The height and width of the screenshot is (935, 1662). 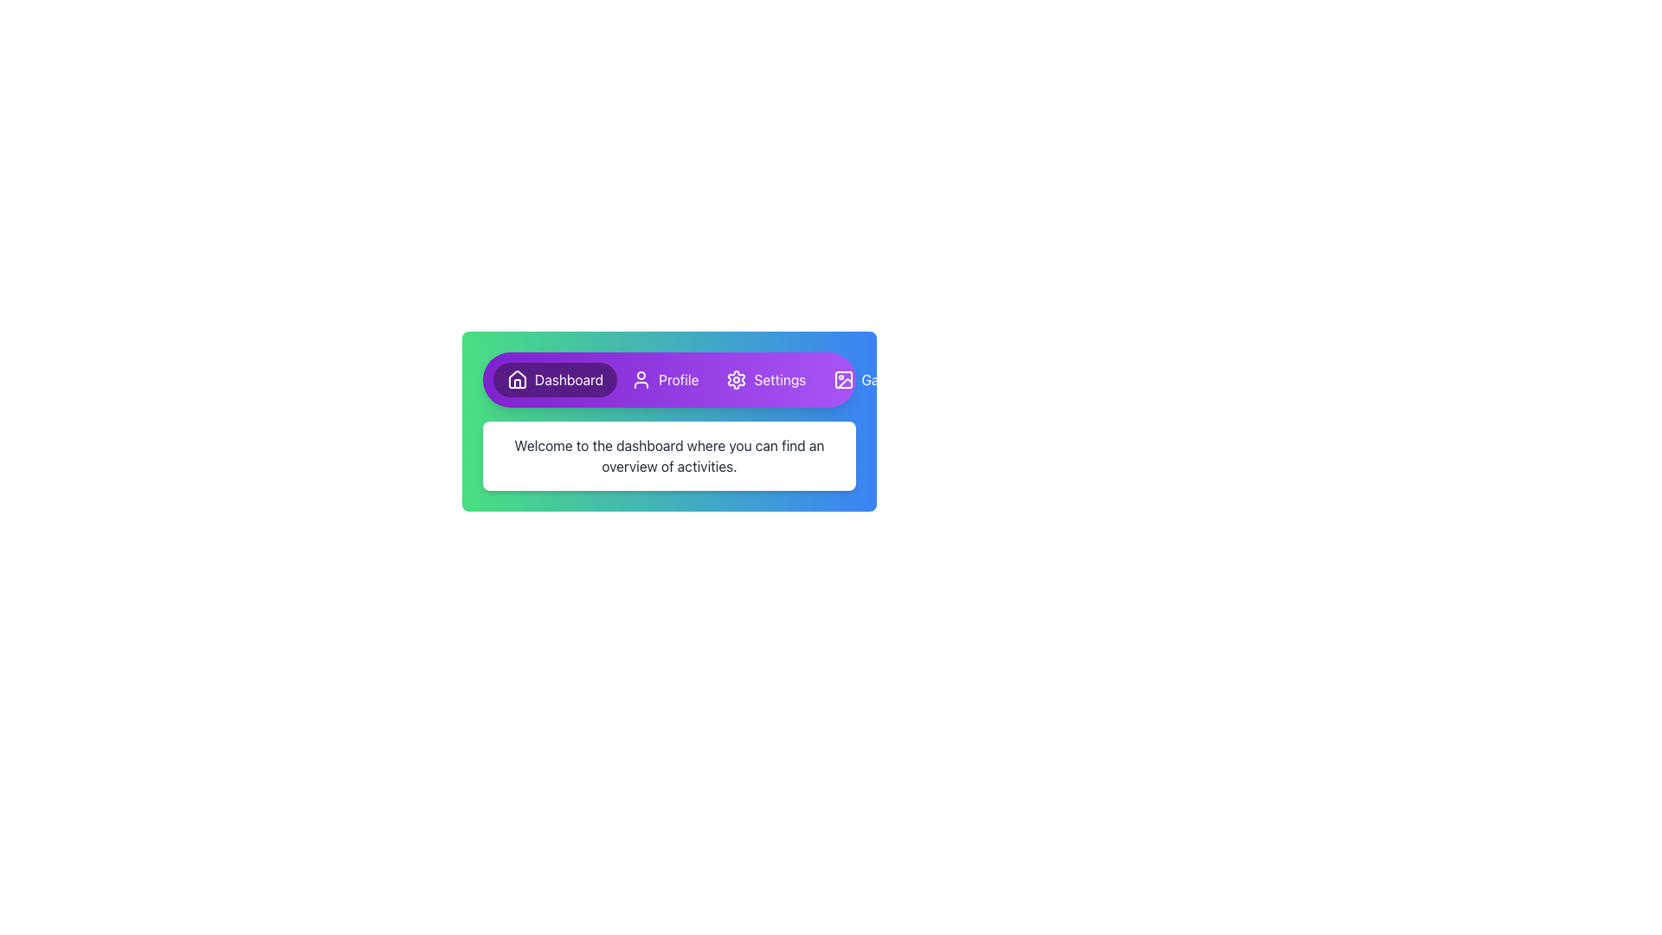 What do you see at coordinates (668, 455) in the screenshot?
I see `text content of the Informational Text Box which contains the message, 'Welcome to the dashboard where you can find an overview of activities.'` at bounding box center [668, 455].